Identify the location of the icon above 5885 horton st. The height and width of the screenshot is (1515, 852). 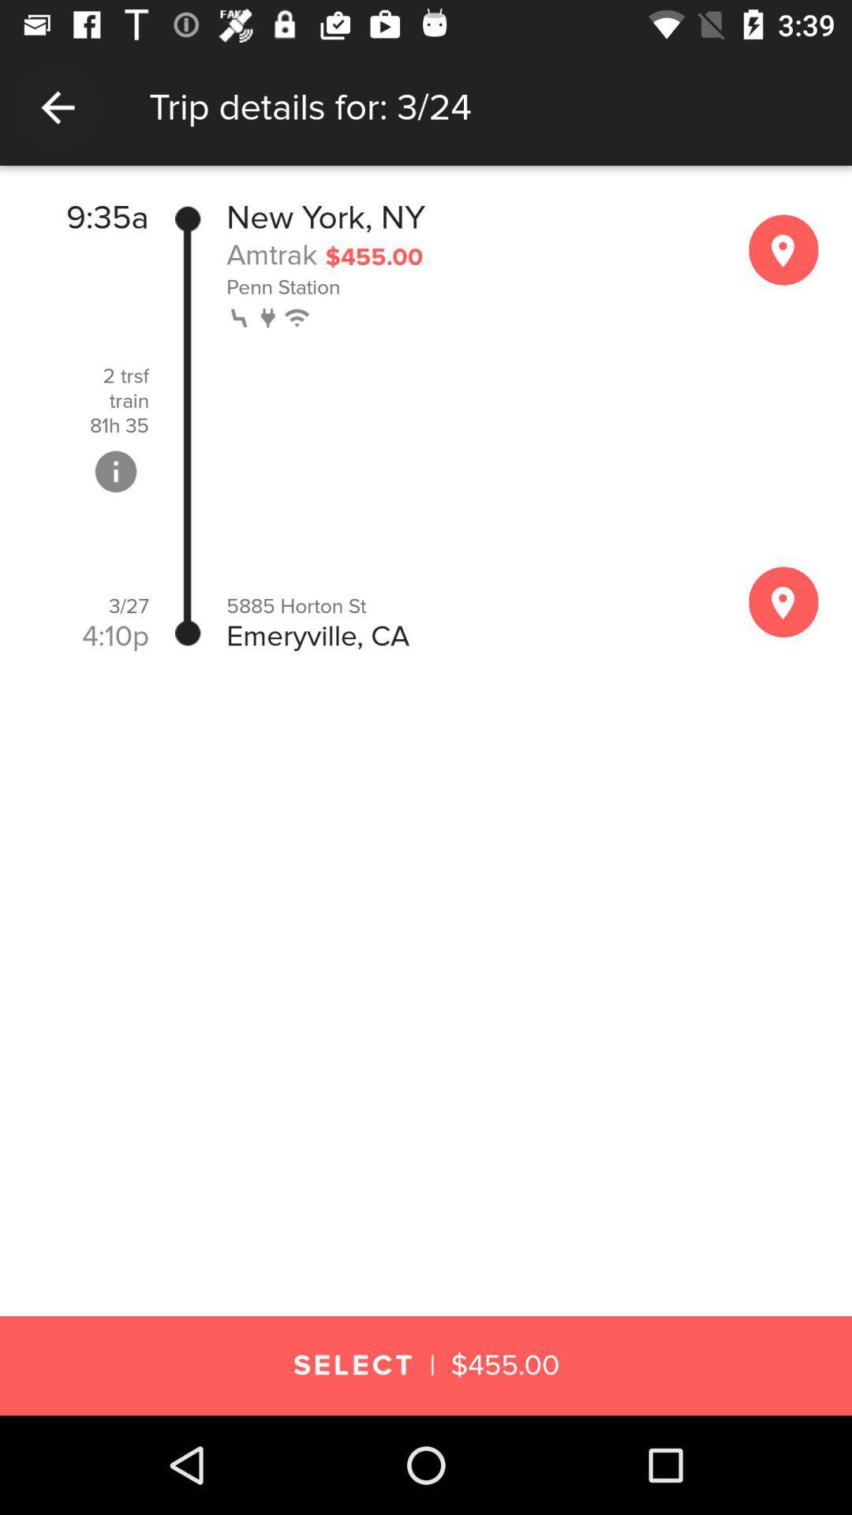
(269, 316).